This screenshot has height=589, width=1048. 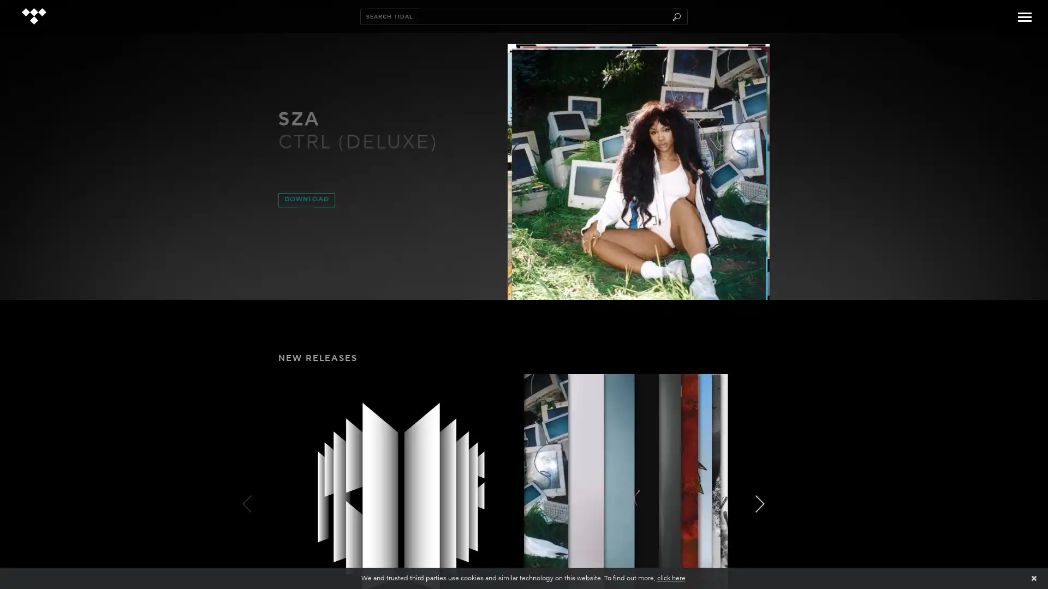 What do you see at coordinates (758, 509) in the screenshot?
I see `NEXT` at bounding box center [758, 509].